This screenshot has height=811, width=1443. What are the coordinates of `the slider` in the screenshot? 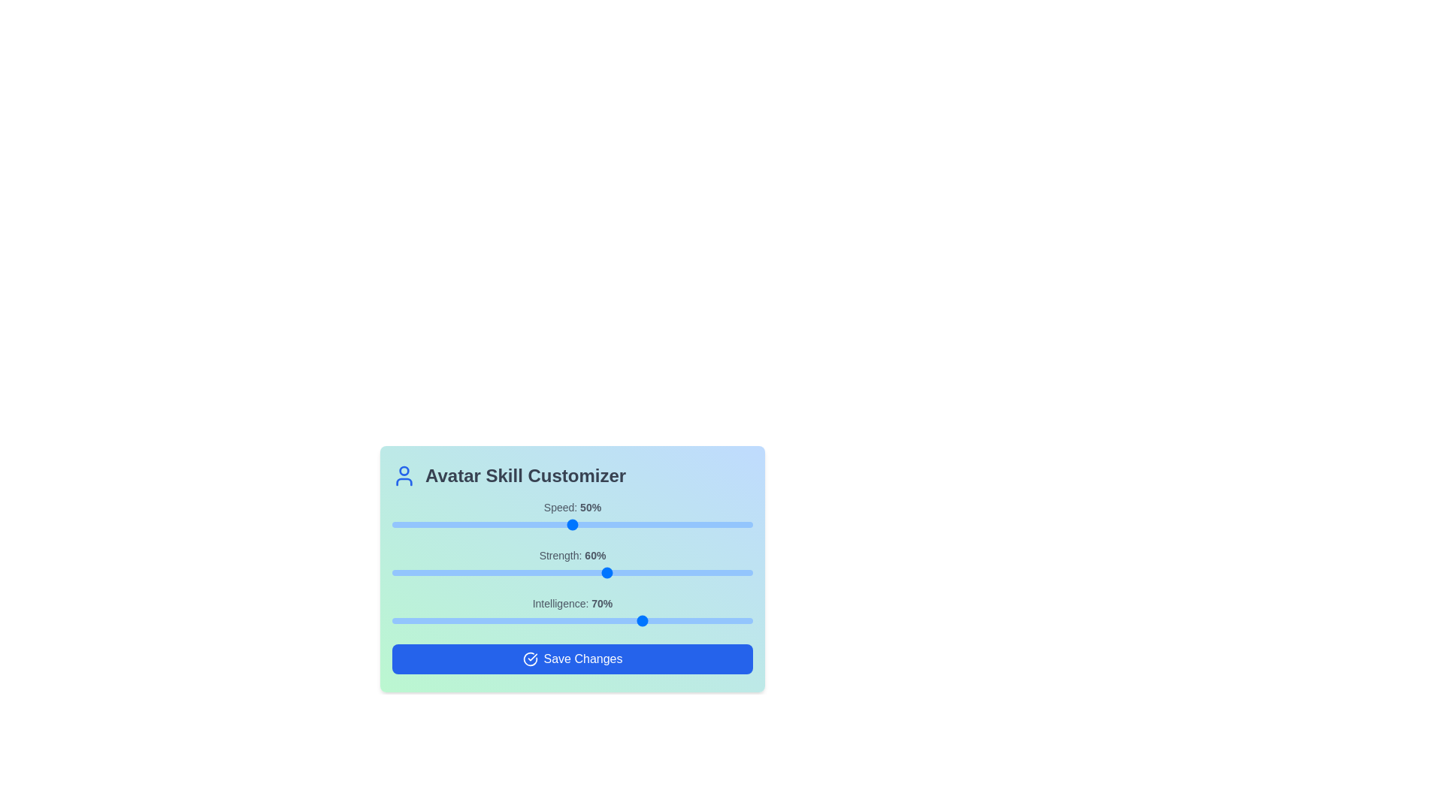 It's located at (712, 620).